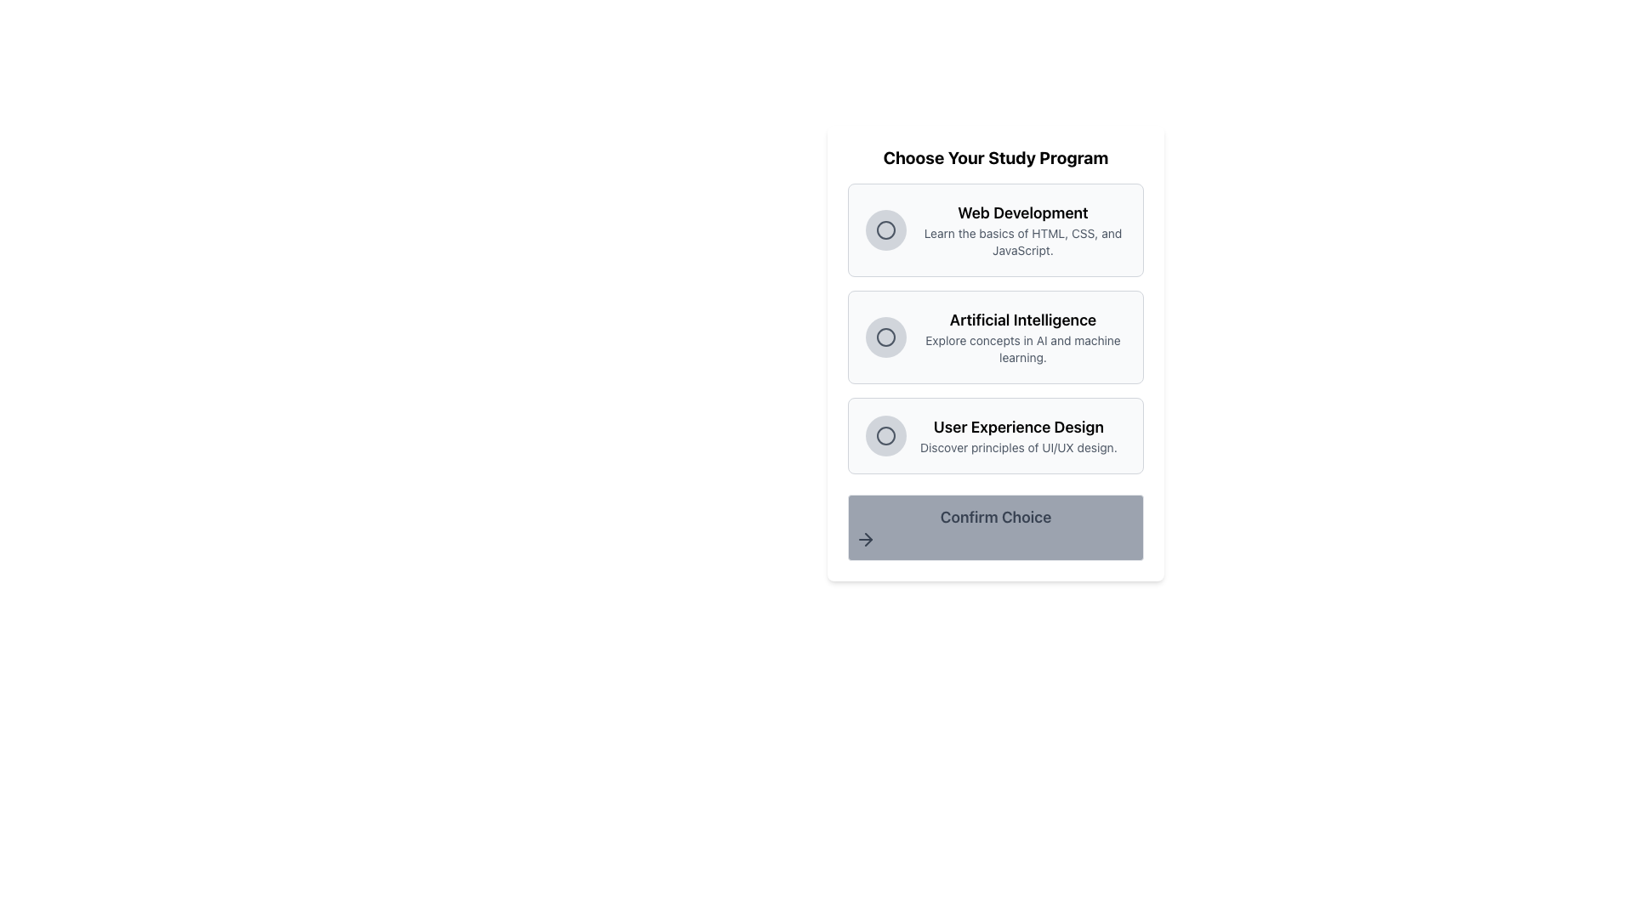 The height and width of the screenshot is (918, 1633). I want to click on text content of the title element that serves as the main descriptor of the first option in the list, positioned below the main heading 'Choose Your Study Program', so click(1022, 212).